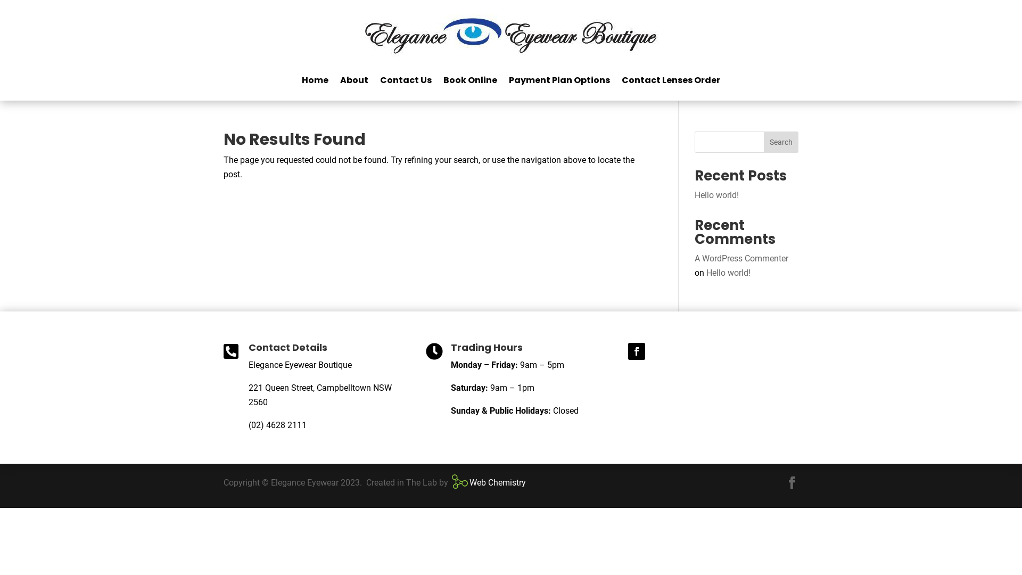 The image size is (1022, 575). What do you see at coordinates (354, 79) in the screenshot?
I see `'About'` at bounding box center [354, 79].